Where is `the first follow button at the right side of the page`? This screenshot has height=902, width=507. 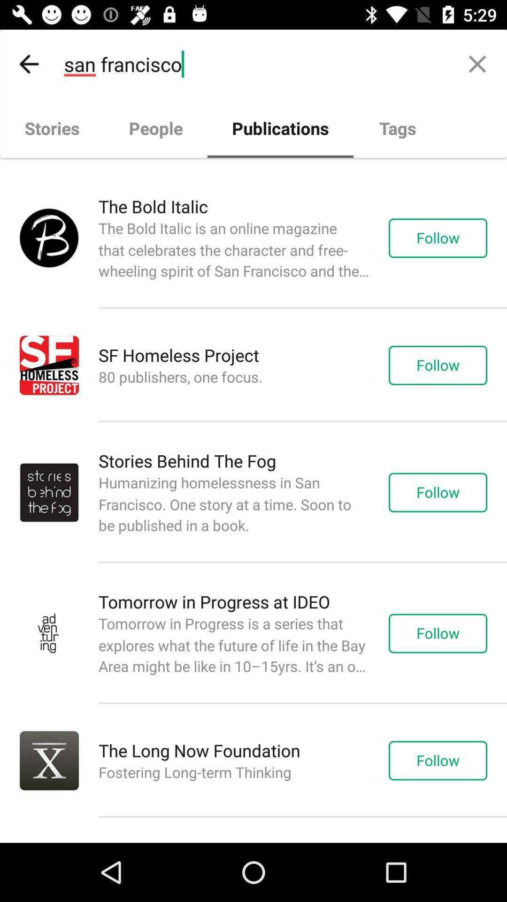
the first follow button at the right side of the page is located at coordinates (447, 238).